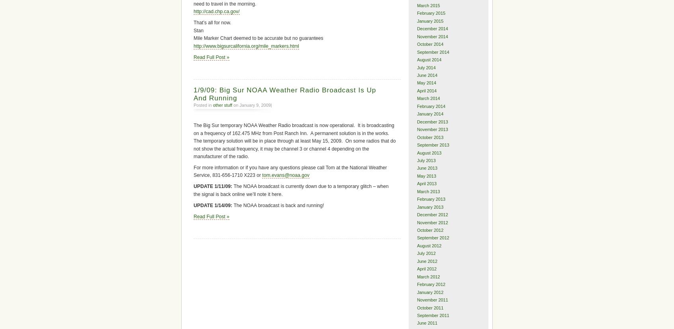 The height and width of the screenshot is (329, 674). I want to click on 'UPDATE 1/14/09:', so click(214, 205).